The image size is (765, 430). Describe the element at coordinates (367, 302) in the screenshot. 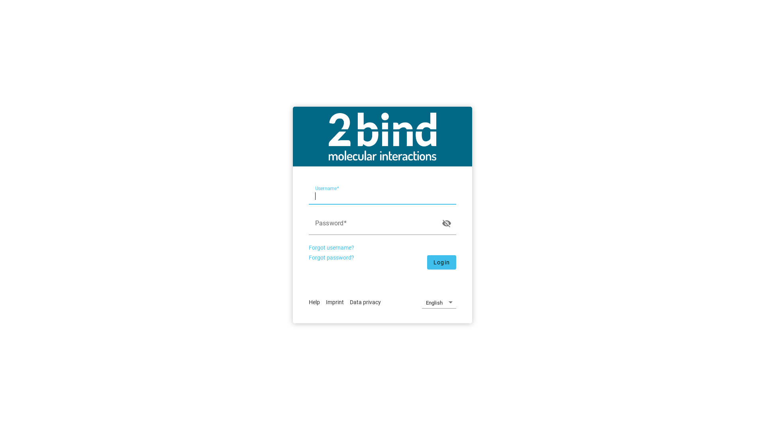

I see `'Data privacy'` at that location.